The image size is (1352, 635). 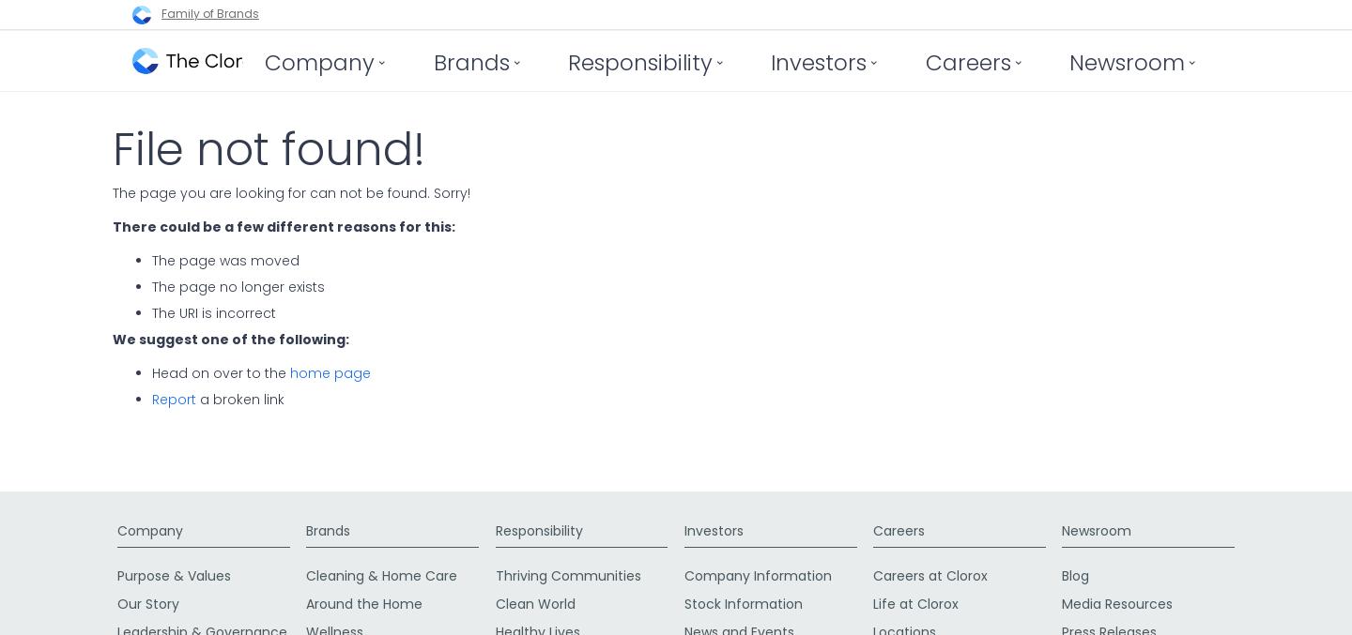 What do you see at coordinates (380, 575) in the screenshot?
I see `'Cleaning & Home Care'` at bounding box center [380, 575].